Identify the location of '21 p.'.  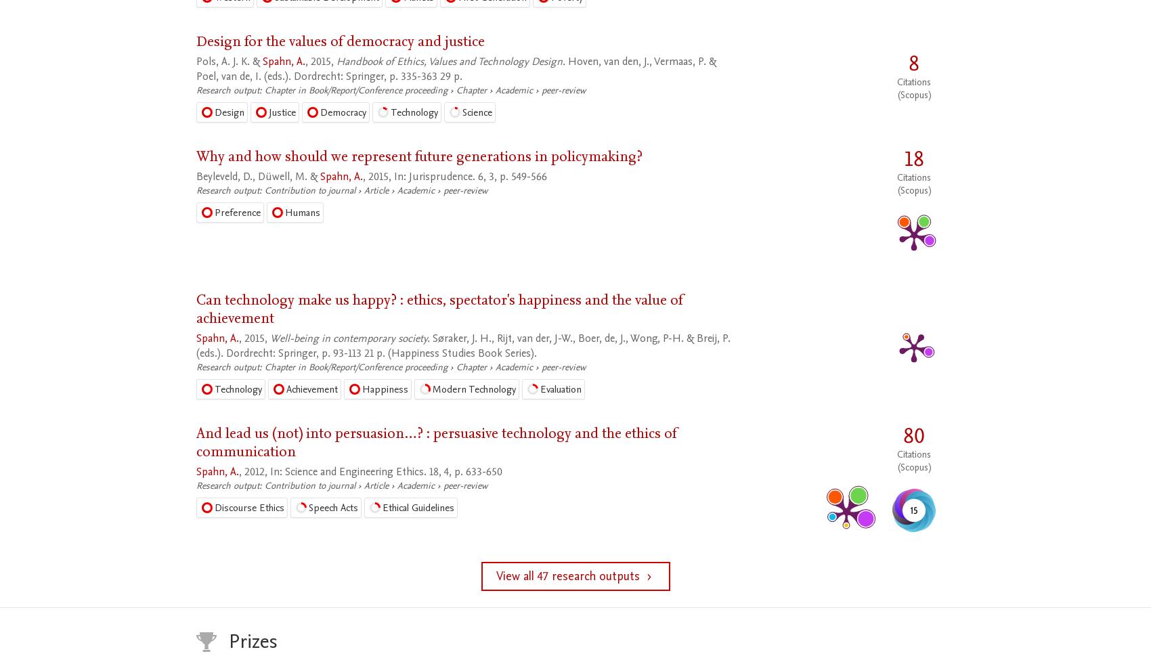
(374, 353).